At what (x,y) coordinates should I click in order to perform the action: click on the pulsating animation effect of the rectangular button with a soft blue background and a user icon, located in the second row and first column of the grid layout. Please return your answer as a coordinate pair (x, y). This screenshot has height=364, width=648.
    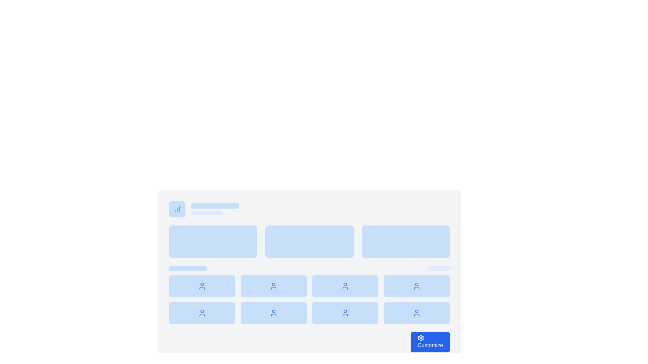
    Looking at the image, I should click on (202, 313).